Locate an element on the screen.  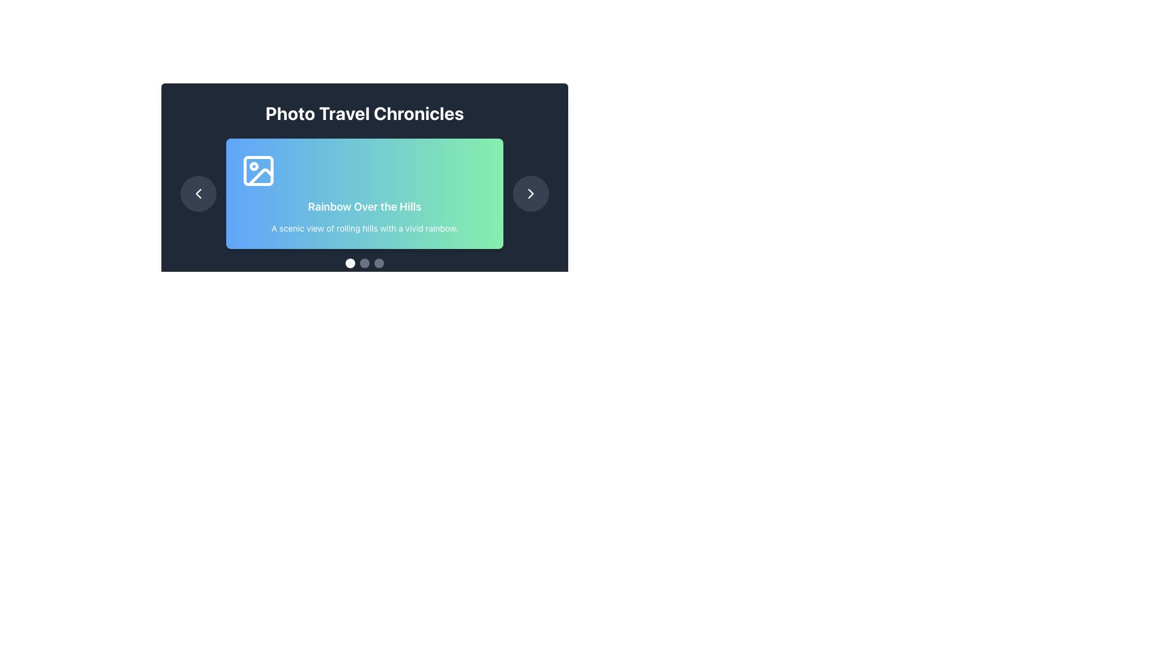
the decorative graphical element of the SVG icon that visually indicates an image placeholder, located in the top-left section of the circular frame is located at coordinates (253, 166).